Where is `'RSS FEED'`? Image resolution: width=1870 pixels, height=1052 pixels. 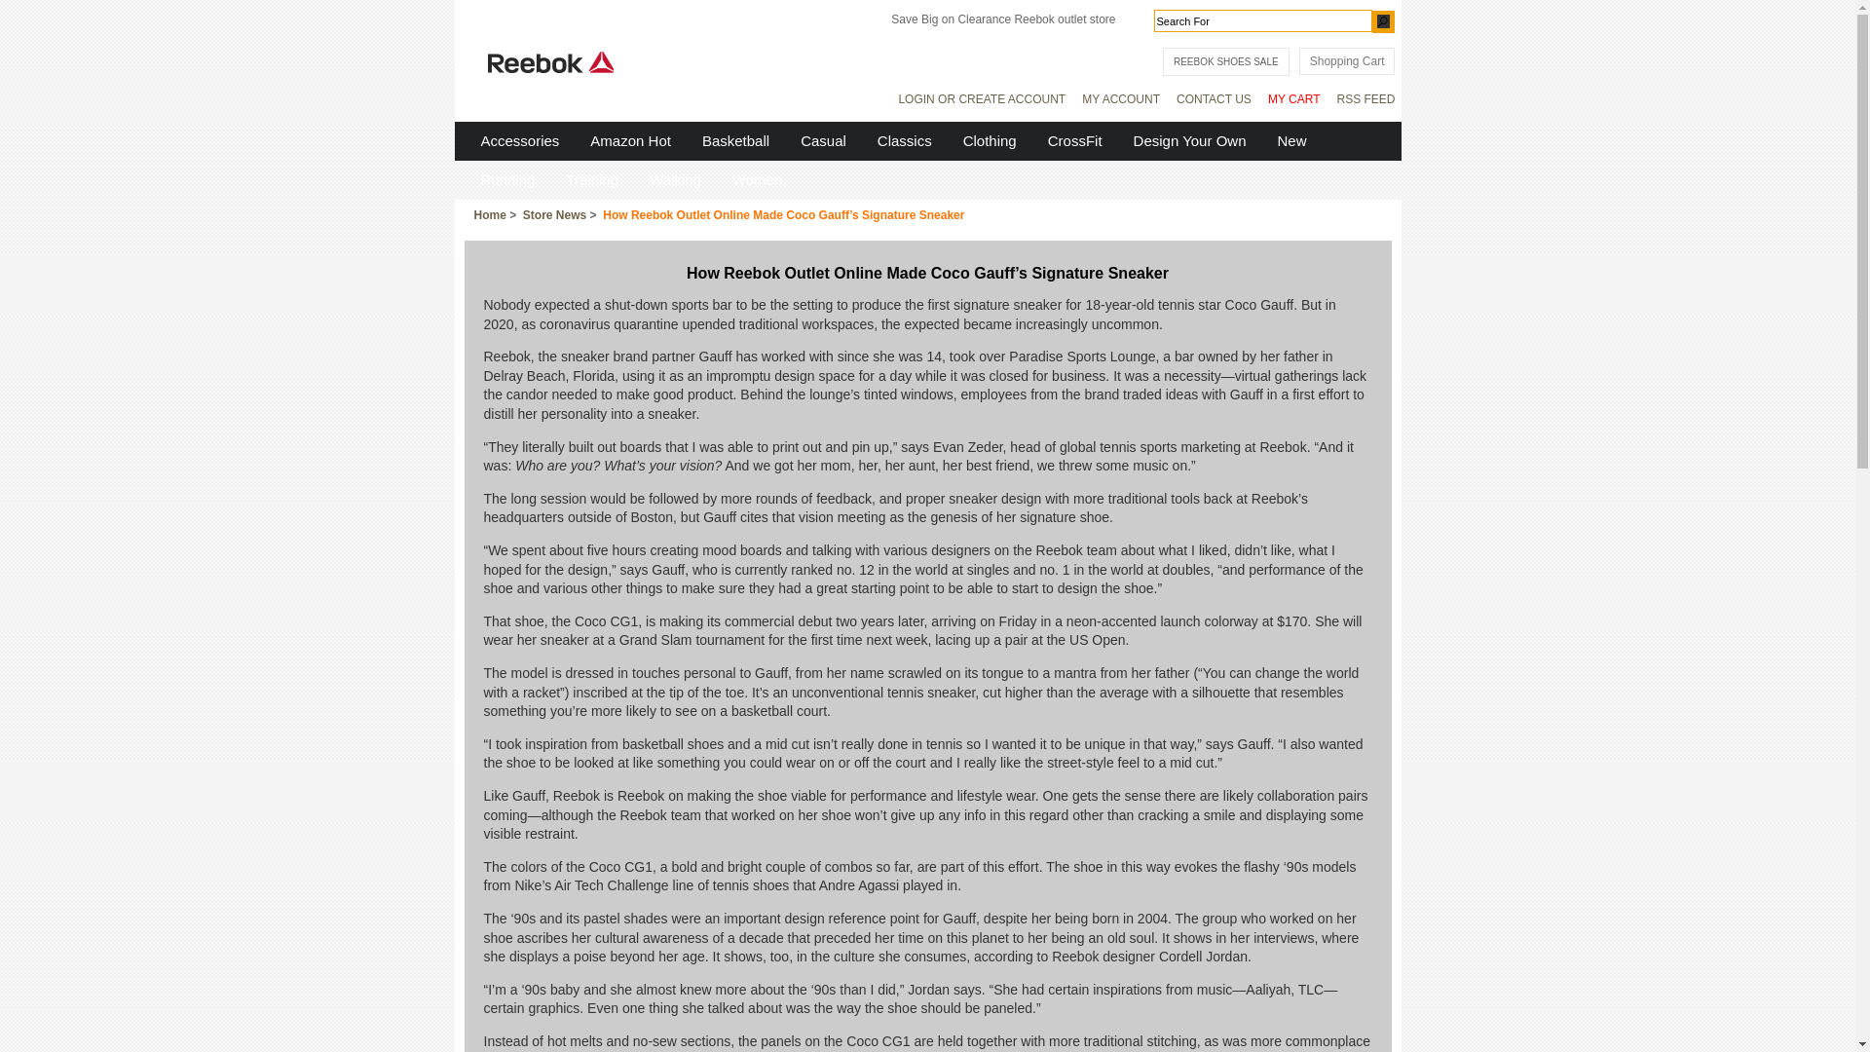
'RSS FEED' is located at coordinates (1364, 97).